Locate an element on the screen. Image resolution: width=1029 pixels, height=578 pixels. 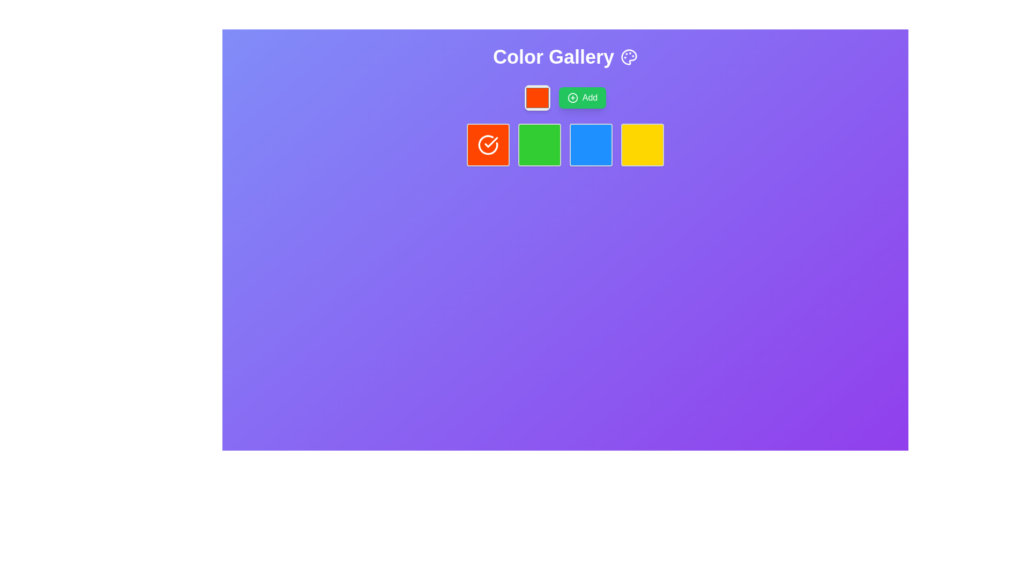
the circular '+' icon with a green background inside the 'Add' button is located at coordinates (572, 97).